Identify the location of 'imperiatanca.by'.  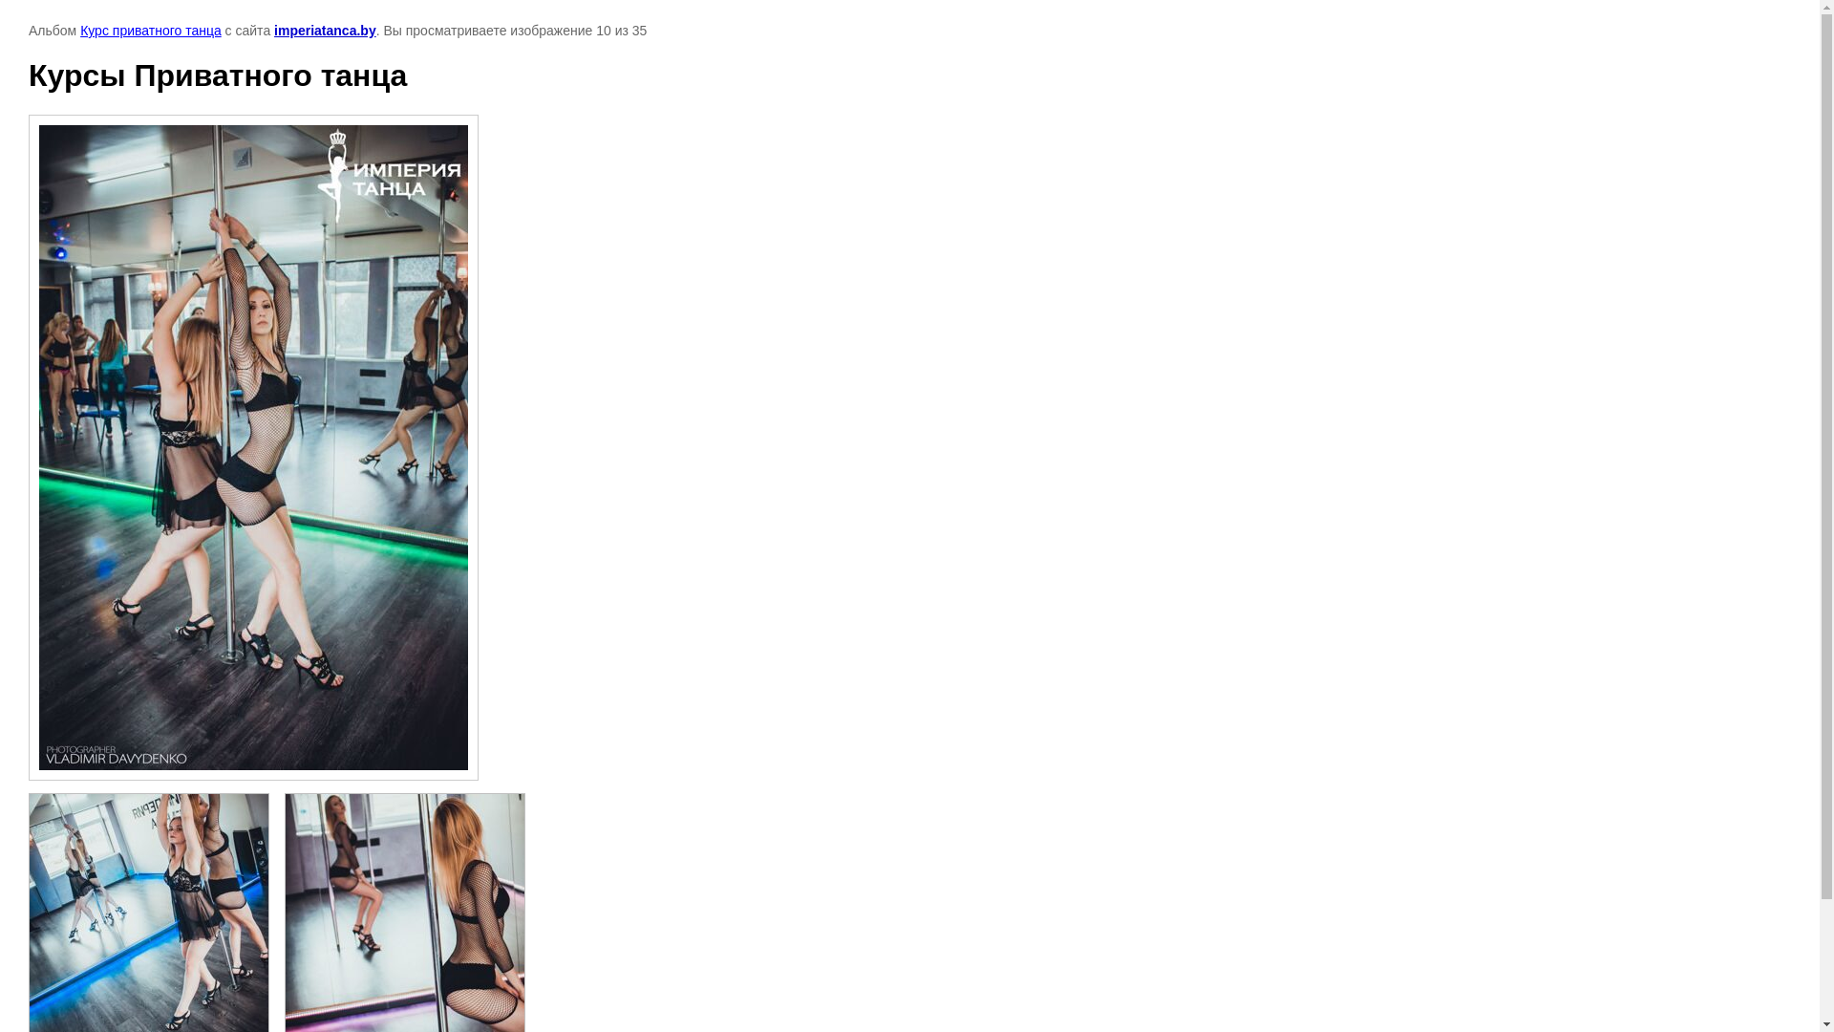
(273, 30).